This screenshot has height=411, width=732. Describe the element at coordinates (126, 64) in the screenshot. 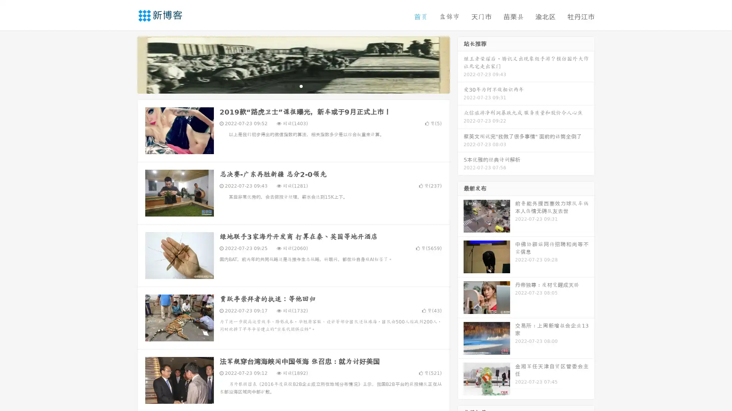

I see `Previous slide` at that location.